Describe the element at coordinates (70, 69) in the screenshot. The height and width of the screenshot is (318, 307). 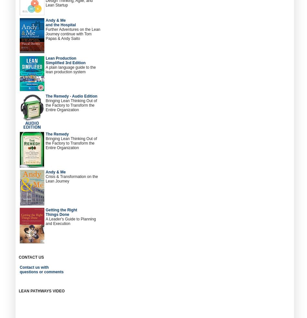
I see `'A plain language guide to the lean production system'` at that location.